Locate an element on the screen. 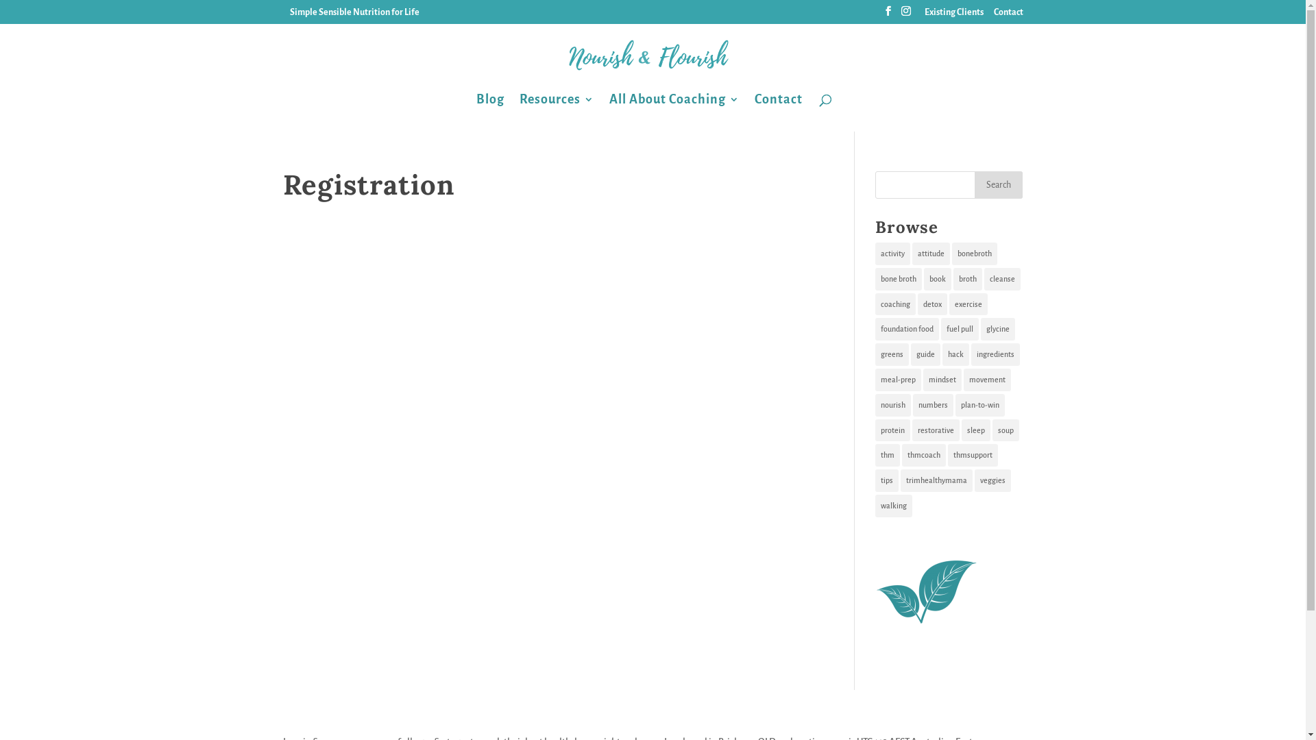 This screenshot has height=740, width=1316. 'attitude' is located at coordinates (931, 254).